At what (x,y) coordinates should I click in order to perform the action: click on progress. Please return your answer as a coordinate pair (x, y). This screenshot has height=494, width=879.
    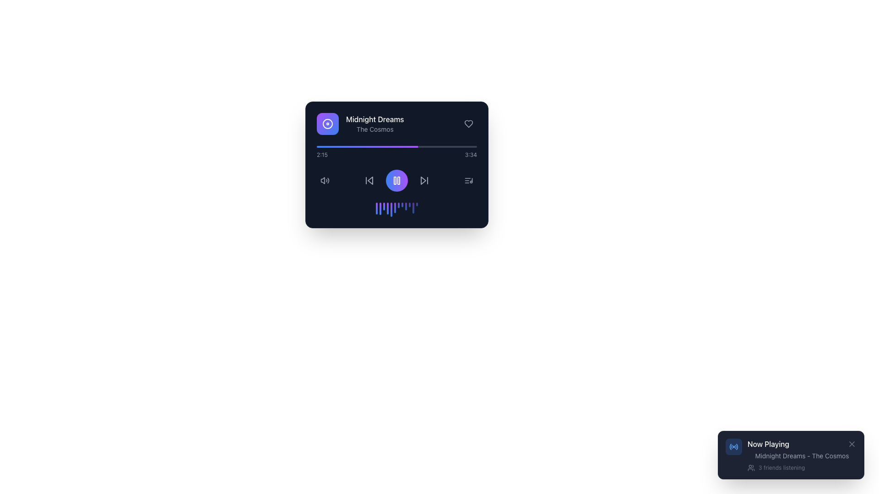
    Looking at the image, I should click on (427, 146).